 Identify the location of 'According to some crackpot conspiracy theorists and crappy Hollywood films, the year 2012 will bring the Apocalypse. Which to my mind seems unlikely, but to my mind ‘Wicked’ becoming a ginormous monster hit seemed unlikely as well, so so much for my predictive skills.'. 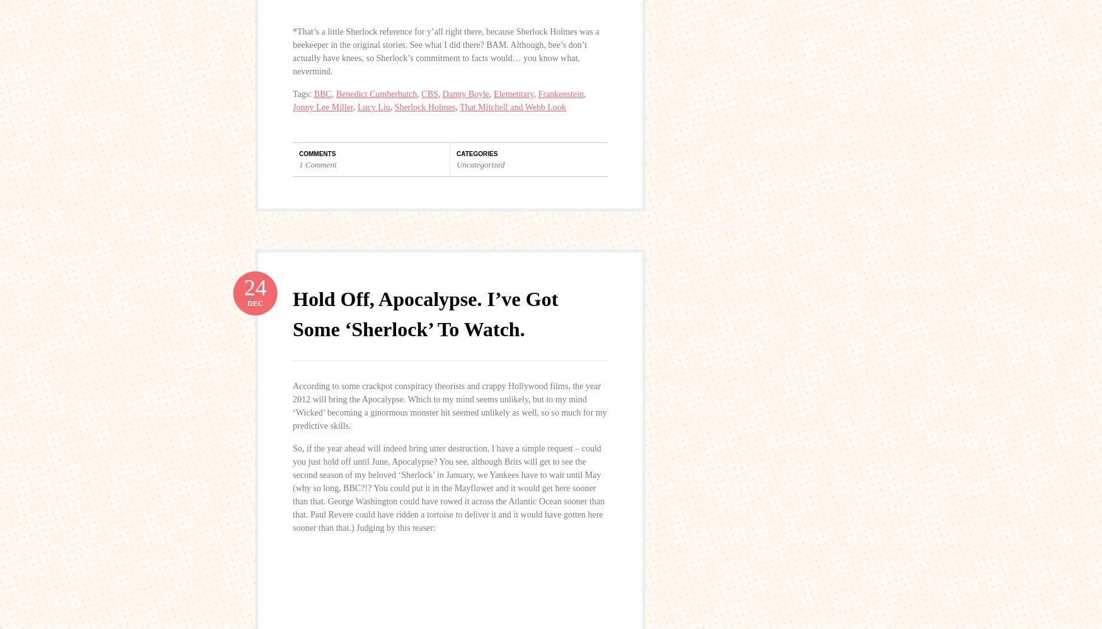
(450, 404).